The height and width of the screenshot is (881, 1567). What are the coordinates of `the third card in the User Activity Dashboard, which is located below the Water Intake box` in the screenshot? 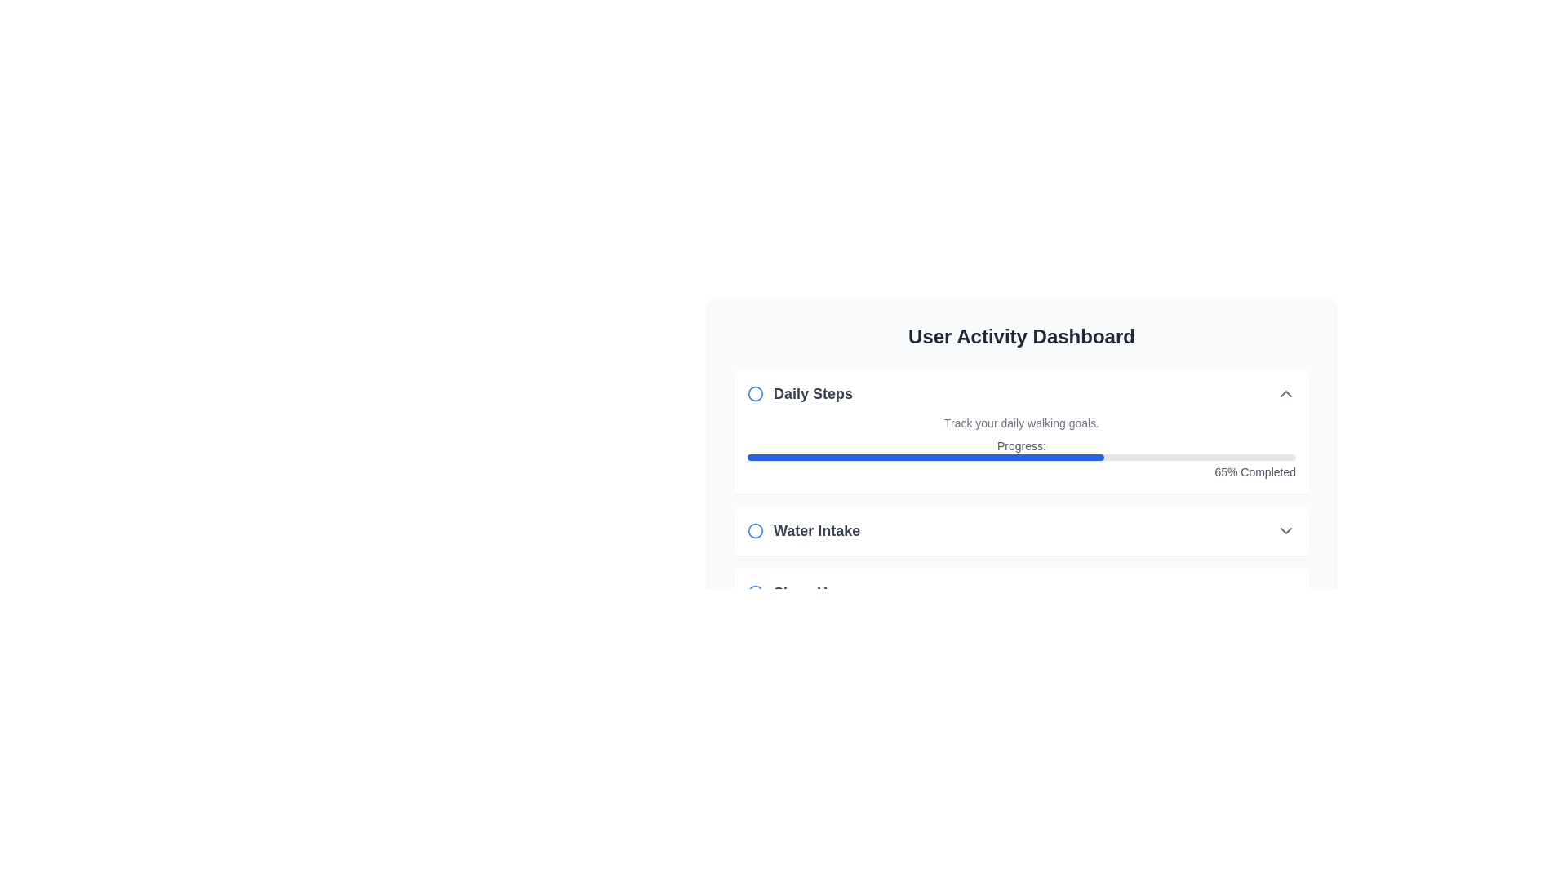 It's located at (1021, 592).